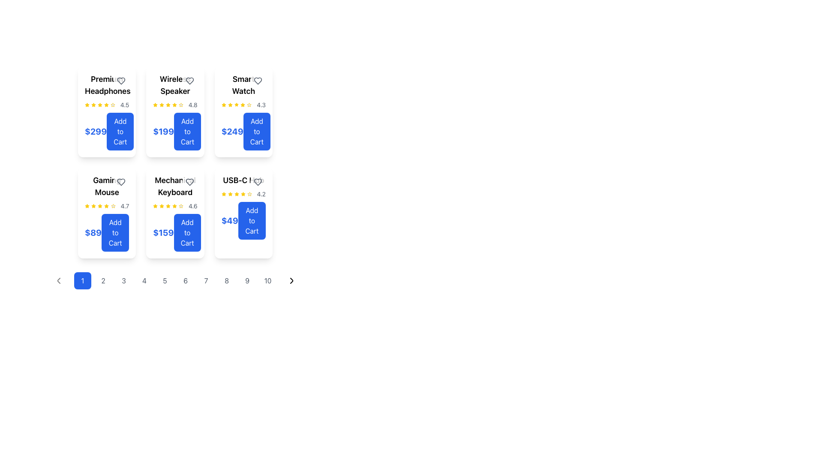  What do you see at coordinates (155, 206) in the screenshot?
I see `the star-shaped icon with a yellow fill and border, located in the sixth item of the product card grid, to interact with the rating or favorite marker` at bounding box center [155, 206].